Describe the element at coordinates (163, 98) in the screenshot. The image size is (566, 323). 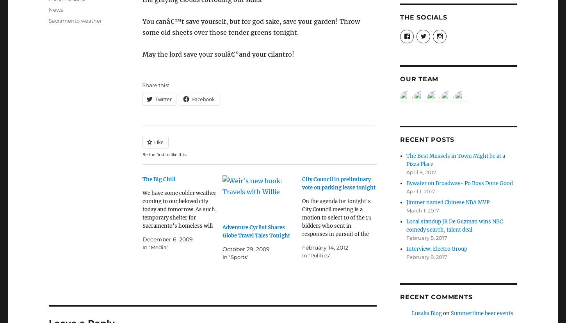
I see `'Twitter'` at that location.